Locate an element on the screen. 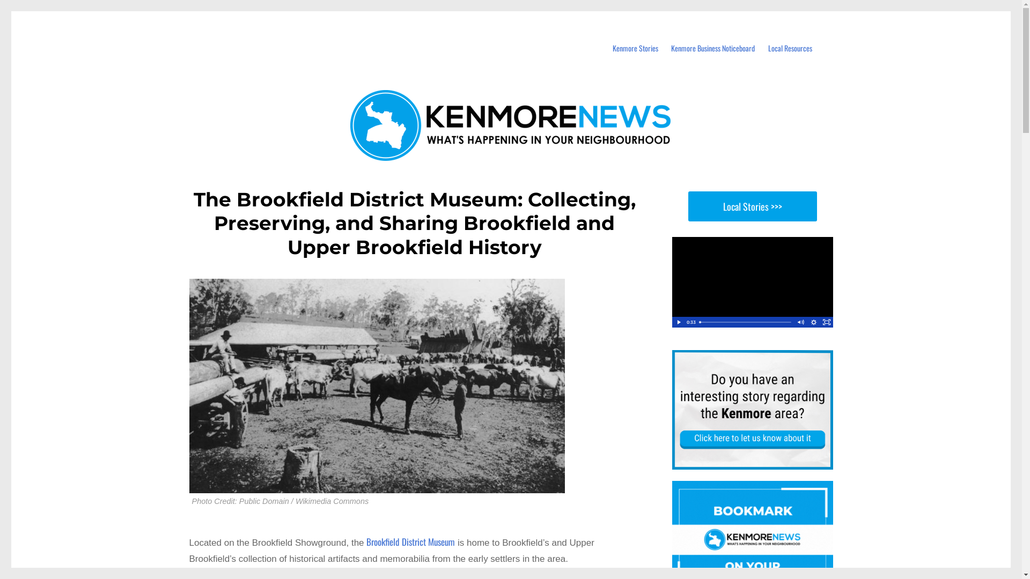 The image size is (1030, 579). 'Kenmore Business Noticeboard' is located at coordinates (713, 48).